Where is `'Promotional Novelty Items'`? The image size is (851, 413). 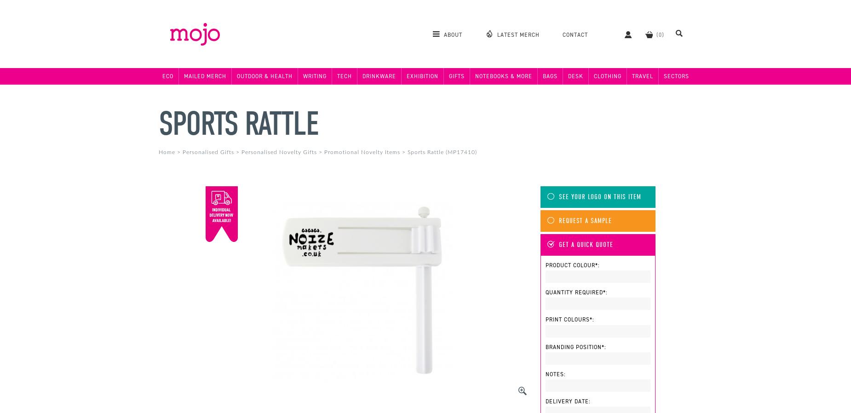
'Promotional Novelty Items' is located at coordinates (362, 152).